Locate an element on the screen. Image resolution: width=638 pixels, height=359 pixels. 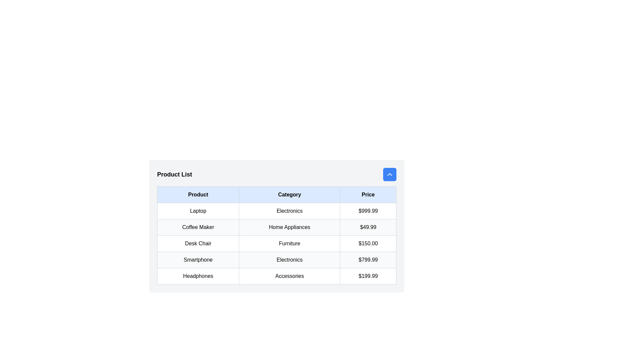
the non-interactive table cell that provides the category information for the 'Smartphone' product, located between the 'Product' and 'Price' columns is located at coordinates (289, 260).